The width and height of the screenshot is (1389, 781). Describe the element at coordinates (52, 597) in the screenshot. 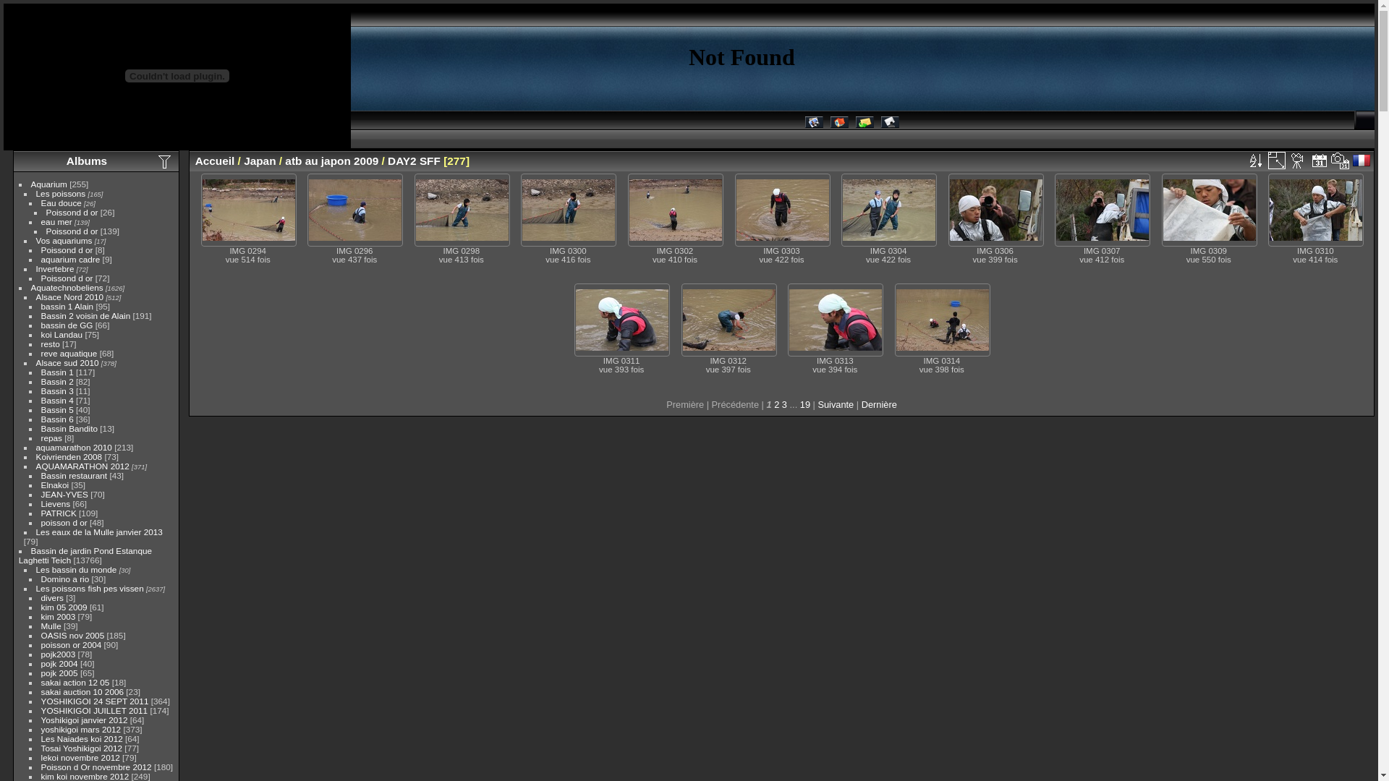

I see `'divers'` at that location.